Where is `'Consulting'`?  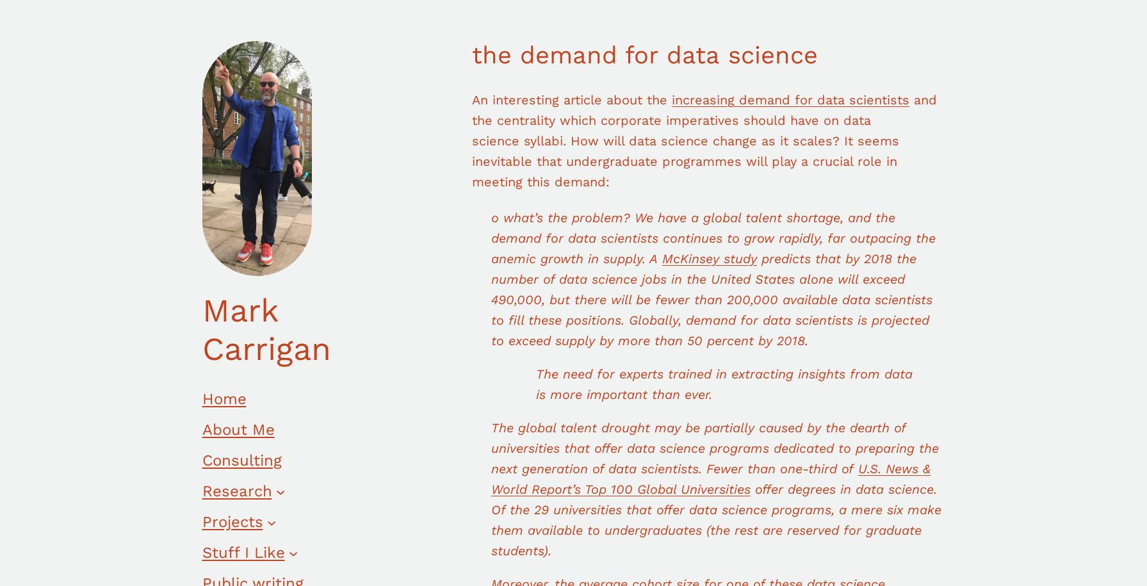
'Consulting' is located at coordinates (241, 460).